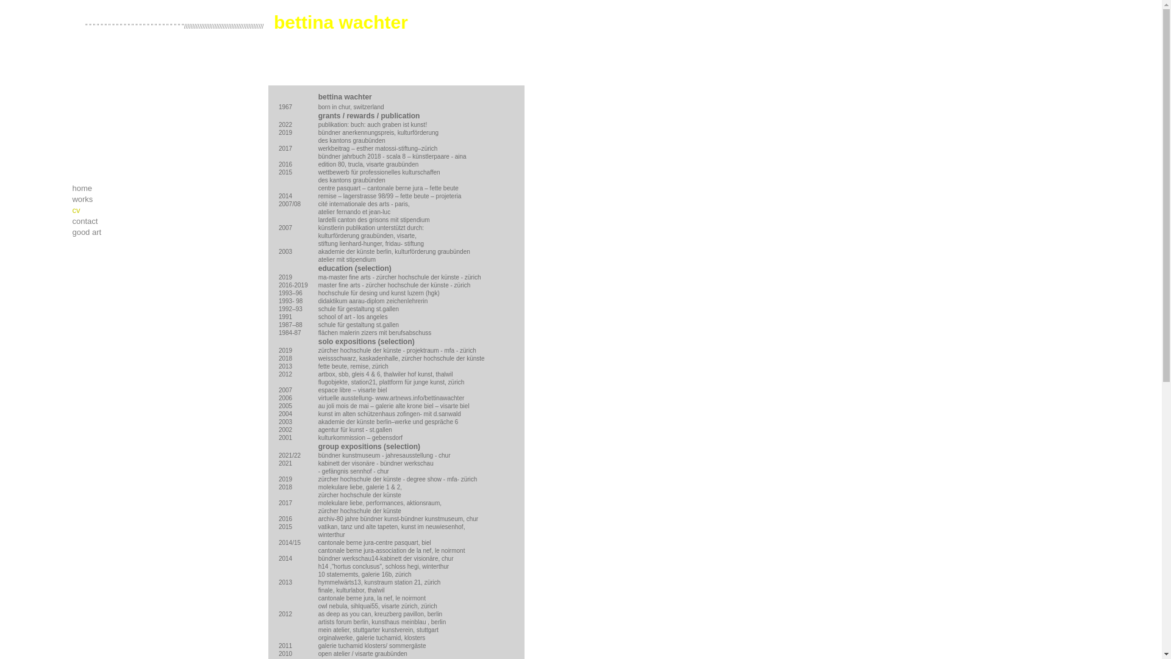 Image resolution: width=1171 pixels, height=659 pixels. Describe the element at coordinates (127, 188) in the screenshot. I see `'home'` at that location.